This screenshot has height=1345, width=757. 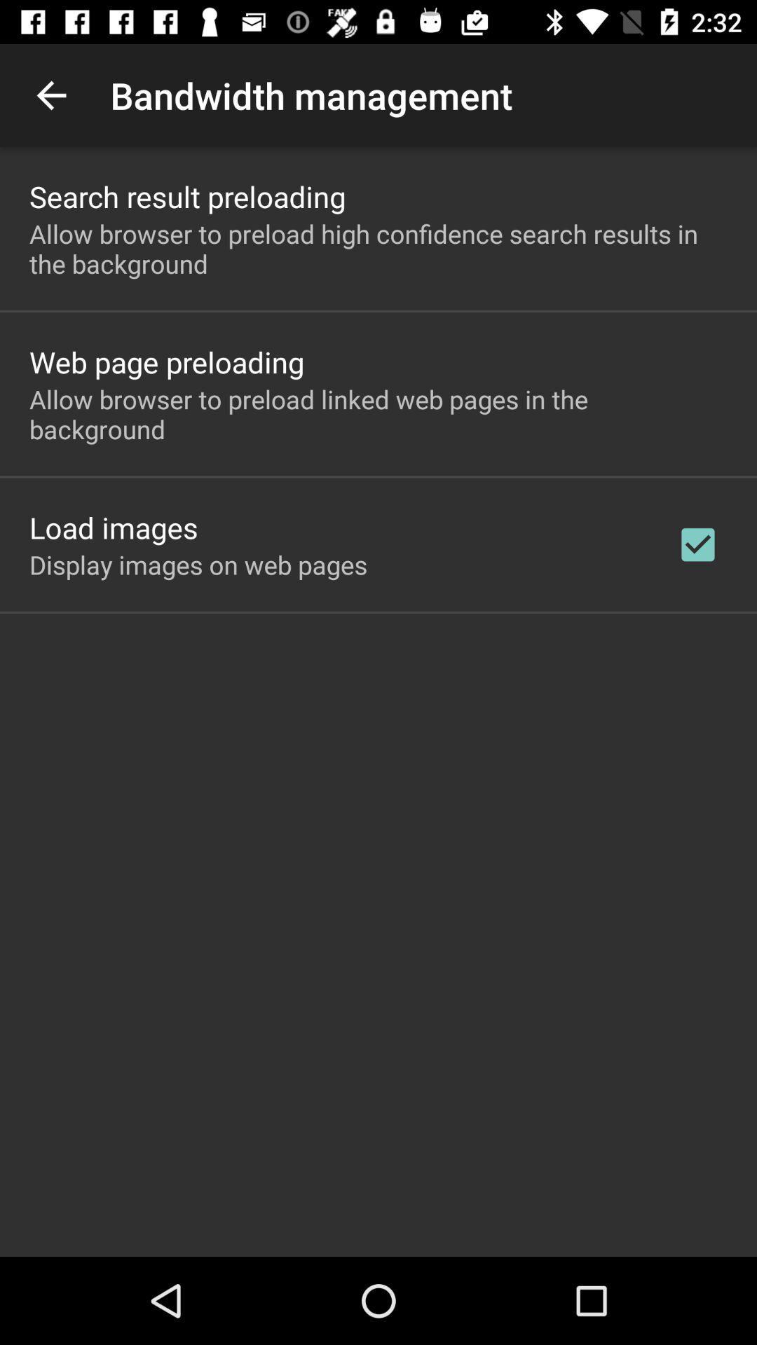 I want to click on web page preloading, so click(x=166, y=361).